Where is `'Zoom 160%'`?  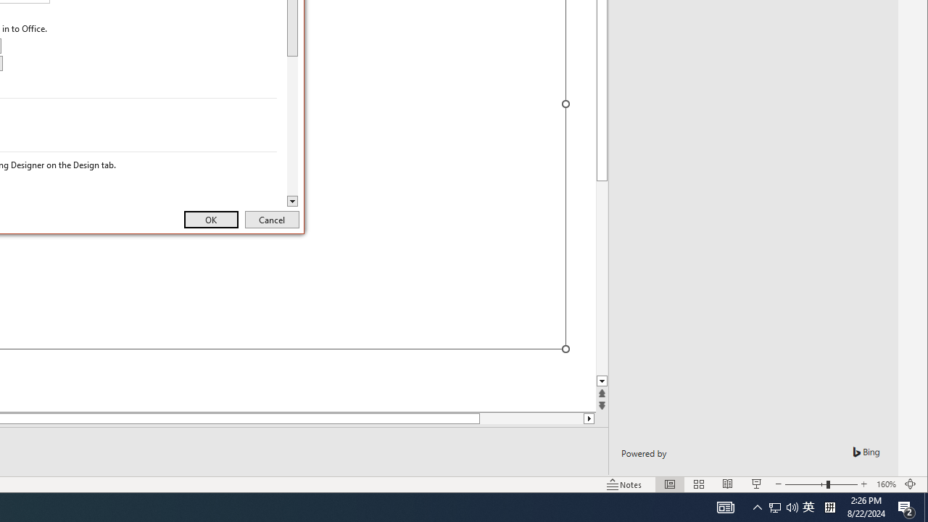
'Zoom 160%' is located at coordinates (885, 484).